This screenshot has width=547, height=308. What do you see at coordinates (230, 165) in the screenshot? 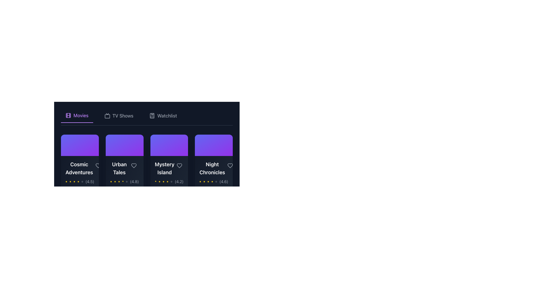
I see `the heart-shaped icon with a hollow center located in the bottom-right corner of the 'Night Chronicles' card` at bounding box center [230, 165].